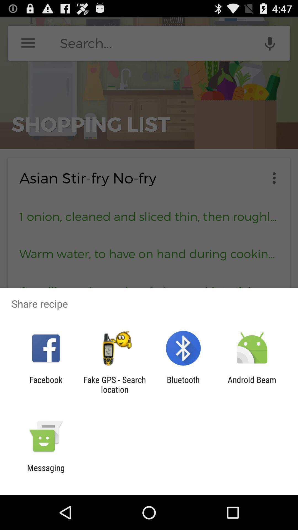 This screenshot has width=298, height=530. Describe the element at coordinates (46, 472) in the screenshot. I see `the messaging app` at that location.